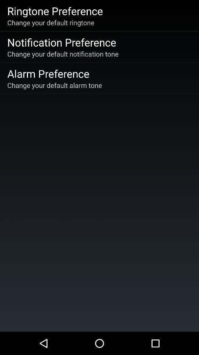 Image resolution: width=199 pixels, height=355 pixels. I want to click on app above the change your default item, so click(61, 42).